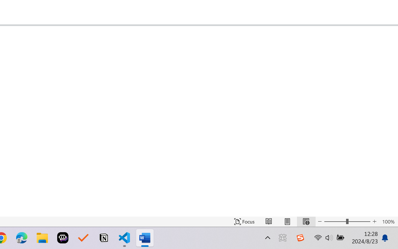 The image size is (398, 249). Describe the element at coordinates (388, 221) in the screenshot. I see `'Zoom 100%'` at that location.